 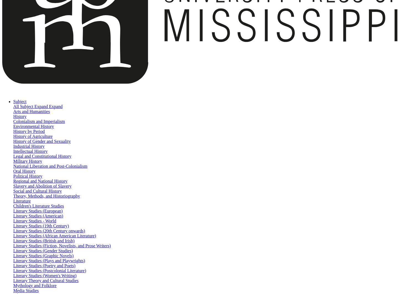 What do you see at coordinates (42, 156) in the screenshot?
I see `'Legal and Constitutional History'` at bounding box center [42, 156].